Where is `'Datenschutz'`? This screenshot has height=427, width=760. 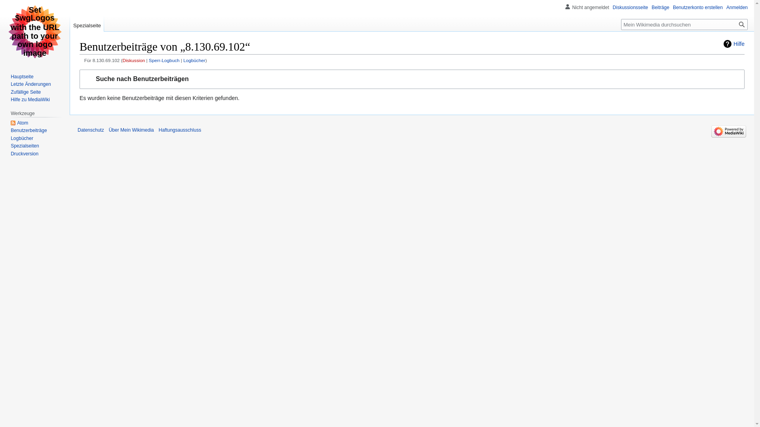 'Datenschutz' is located at coordinates (78, 129).